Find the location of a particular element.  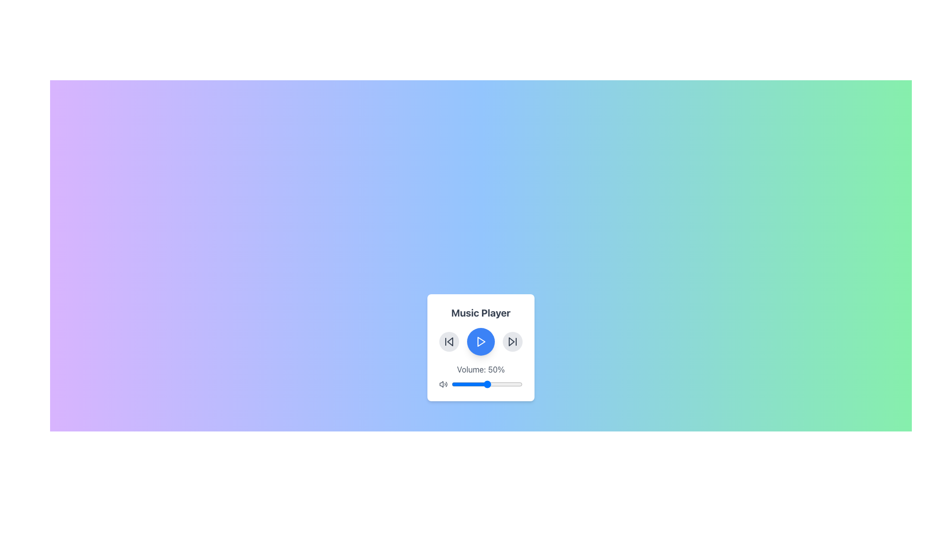

volume level is located at coordinates (486, 383).